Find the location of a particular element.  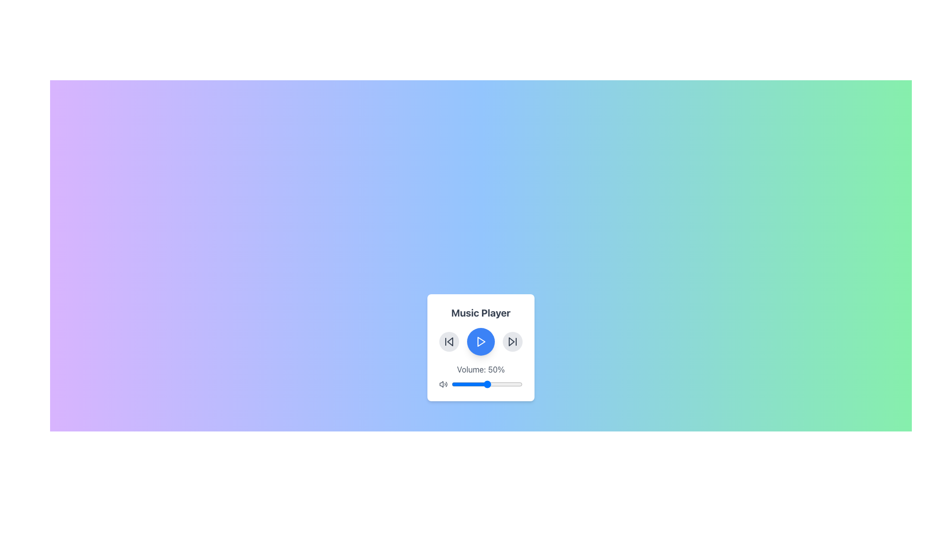

volume level is located at coordinates (486, 383).